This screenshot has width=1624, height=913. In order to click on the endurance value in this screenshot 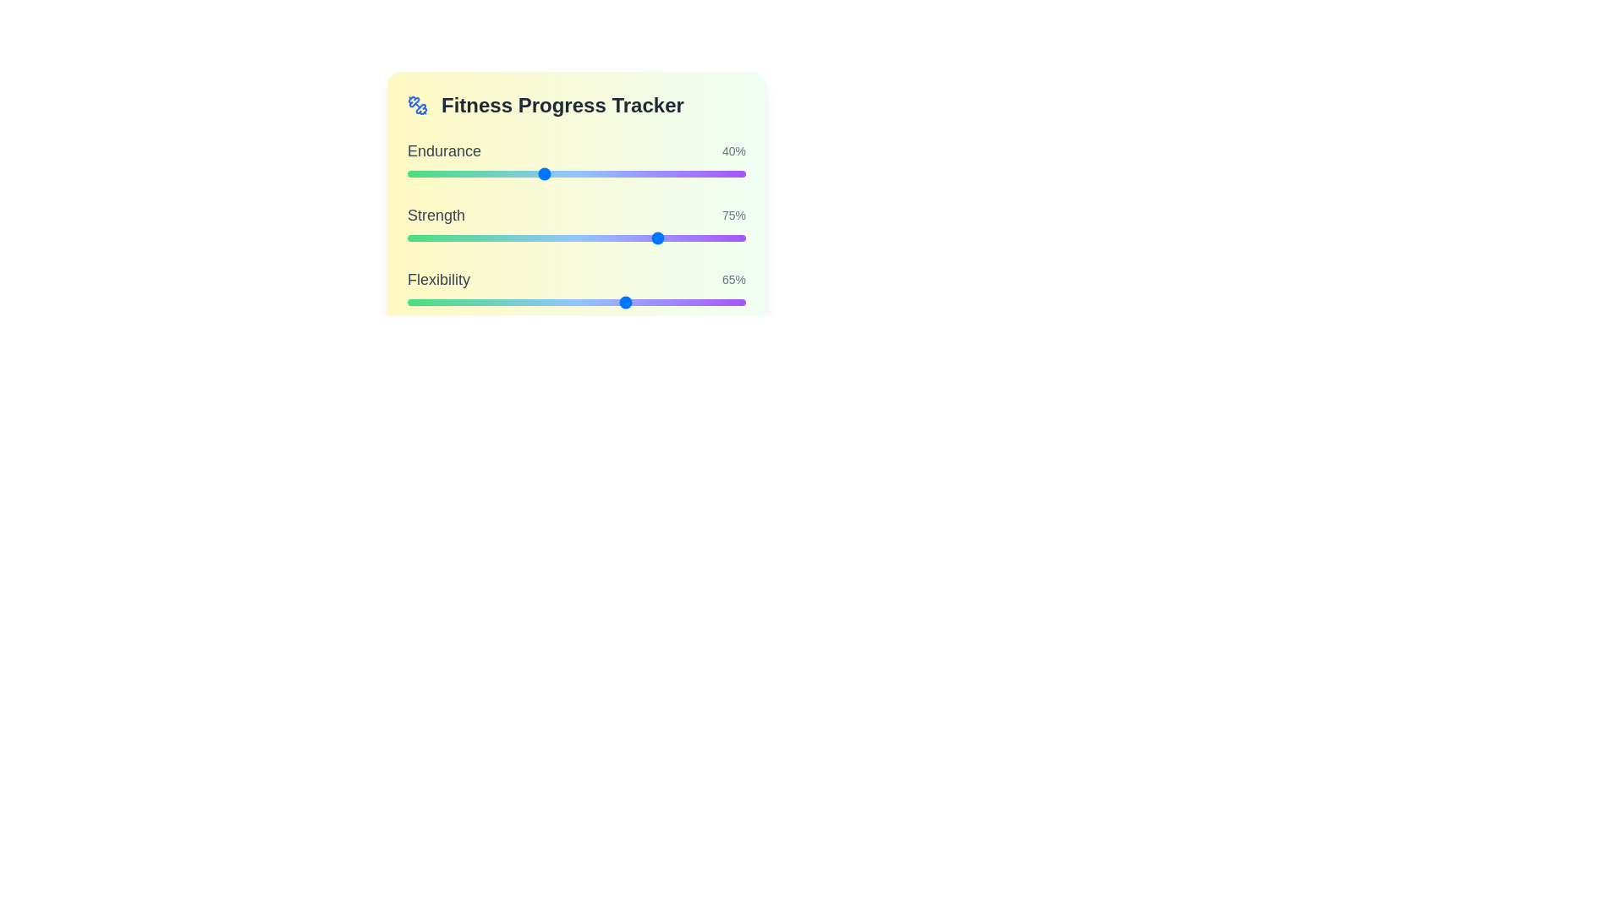, I will do `click(518, 173)`.